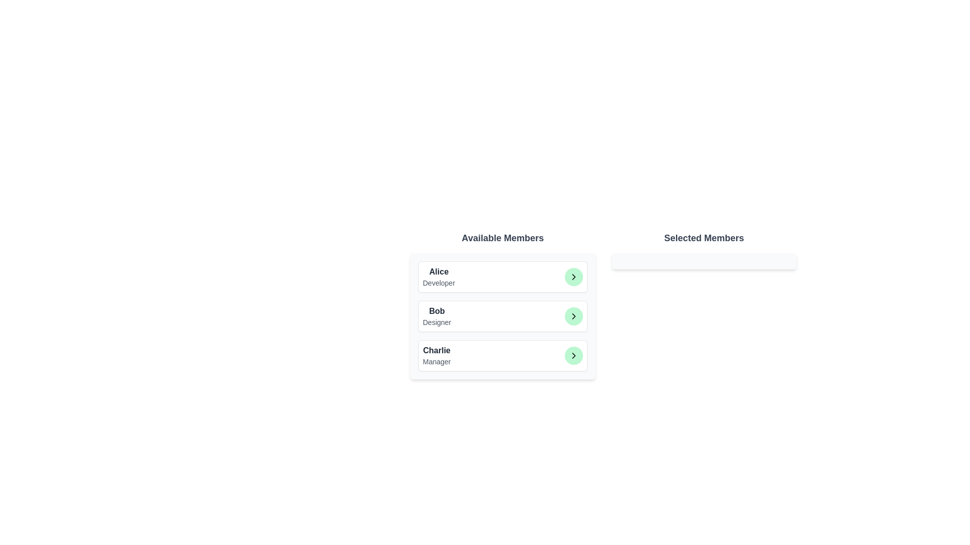 The height and width of the screenshot is (545, 970). Describe the element at coordinates (573, 277) in the screenshot. I see `the button corresponding to Alice to observe the hover effect` at that location.